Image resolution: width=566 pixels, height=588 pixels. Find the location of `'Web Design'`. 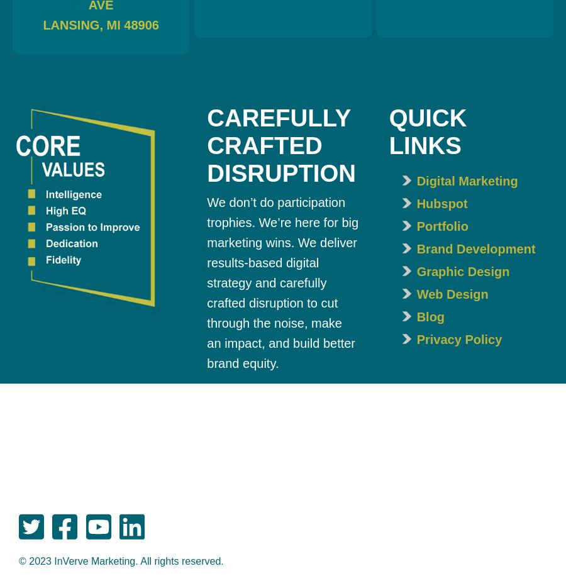

'Web Design' is located at coordinates (452, 293).